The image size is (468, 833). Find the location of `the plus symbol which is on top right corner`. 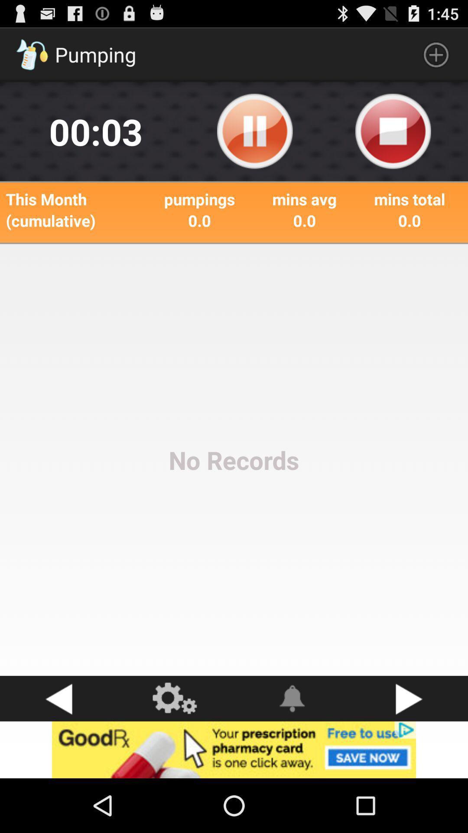

the plus symbol which is on top right corner is located at coordinates (436, 54).